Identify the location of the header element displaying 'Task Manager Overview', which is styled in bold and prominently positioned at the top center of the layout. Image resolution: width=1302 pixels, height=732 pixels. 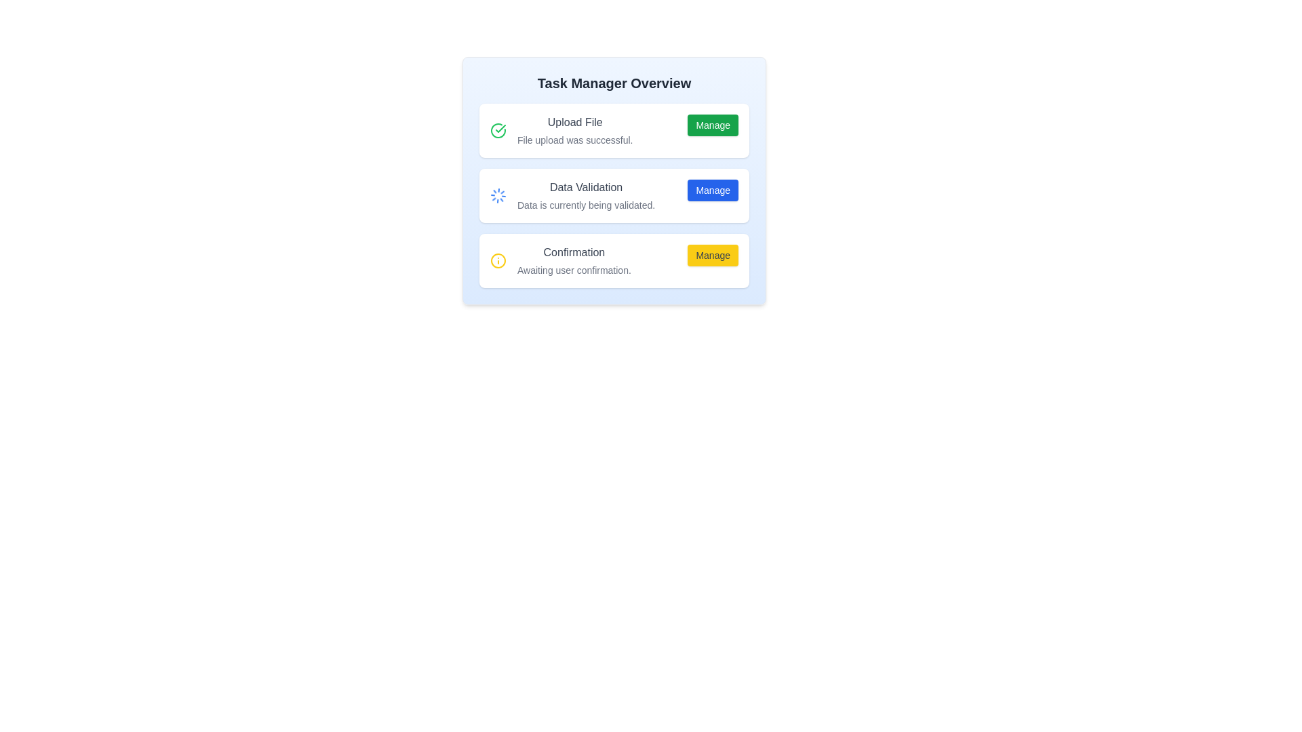
(614, 83).